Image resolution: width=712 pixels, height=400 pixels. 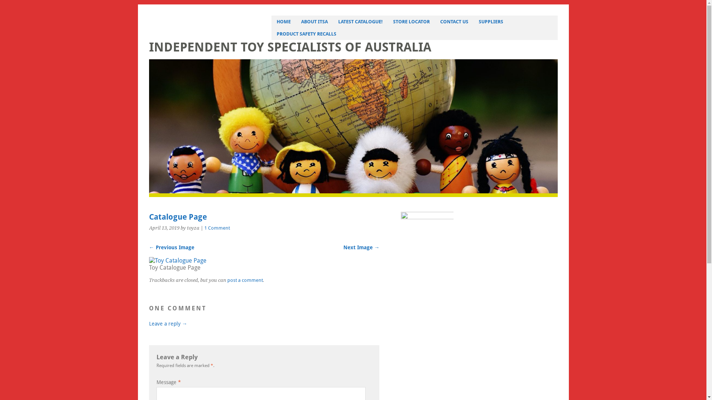 I want to click on 'Catalogue Page', so click(x=149, y=260).